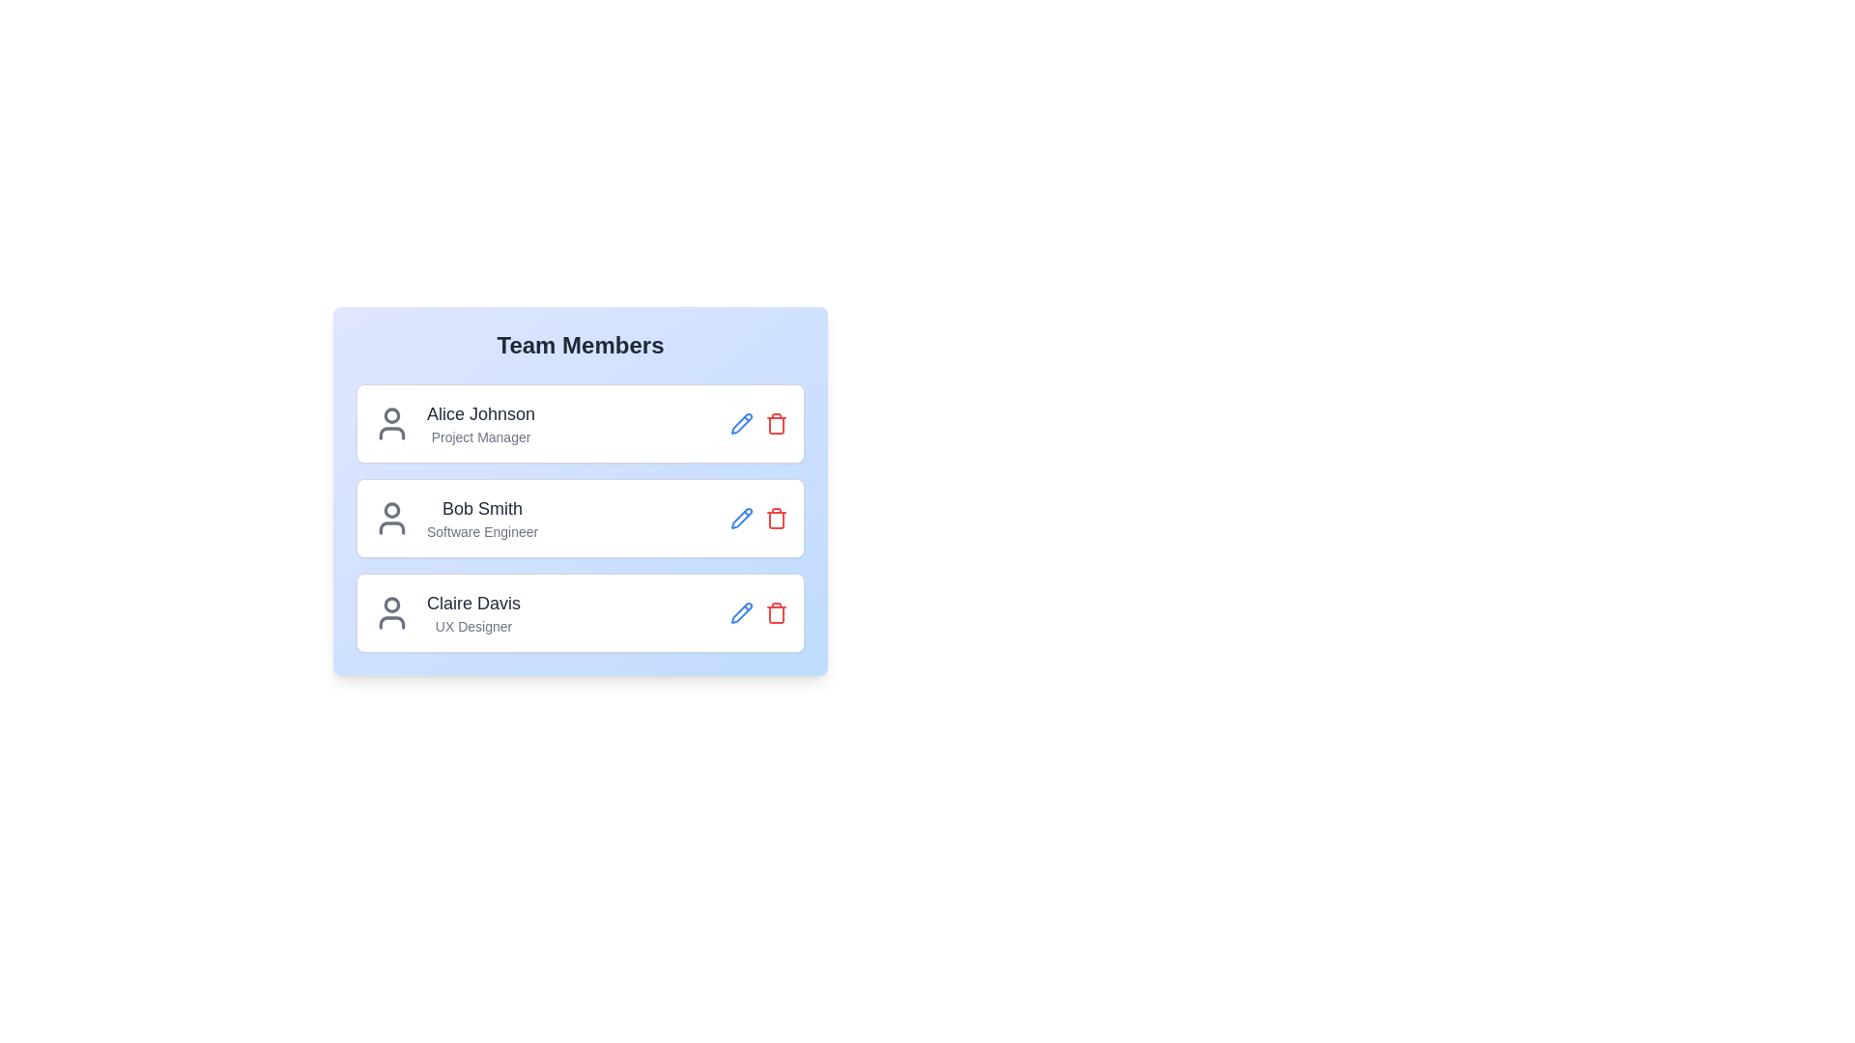 The width and height of the screenshot is (1855, 1043). What do you see at coordinates (481, 412) in the screenshot?
I see `the text of the team member's name Alice Johnson` at bounding box center [481, 412].